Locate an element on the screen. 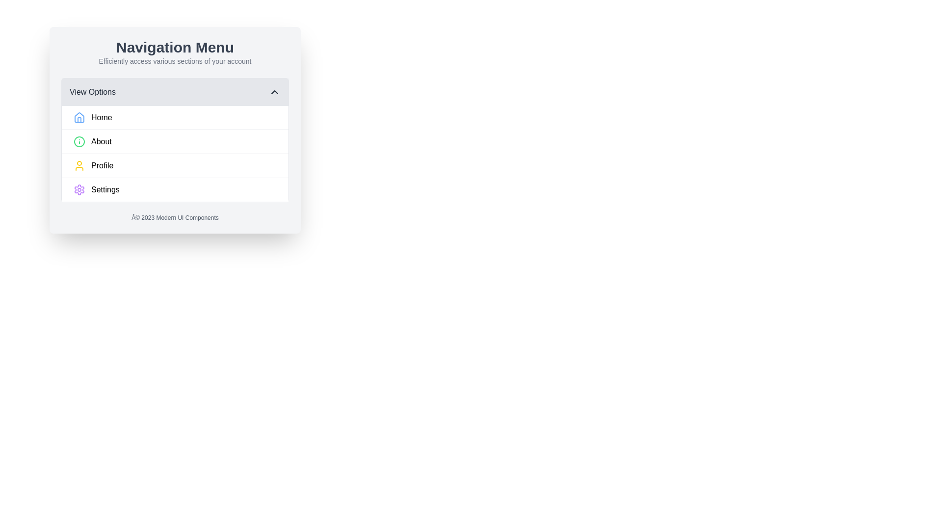 Image resolution: width=942 pixels, height=530 pixels. the 'View Options' toggle button located in the navigation menu is located at coordinates (175, 92).